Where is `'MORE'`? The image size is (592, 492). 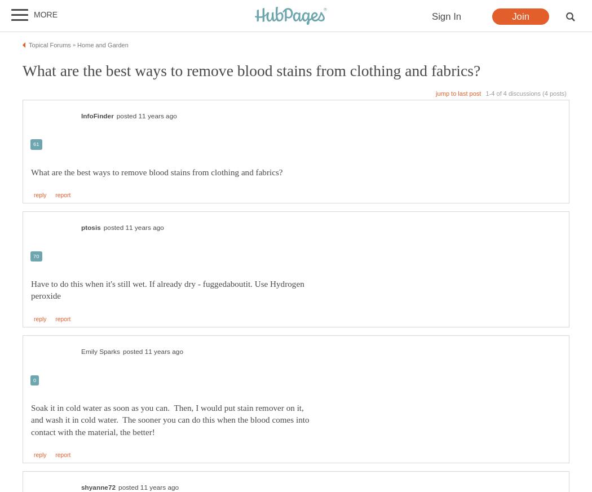 'MORE' is located at coordinates (45, 14).